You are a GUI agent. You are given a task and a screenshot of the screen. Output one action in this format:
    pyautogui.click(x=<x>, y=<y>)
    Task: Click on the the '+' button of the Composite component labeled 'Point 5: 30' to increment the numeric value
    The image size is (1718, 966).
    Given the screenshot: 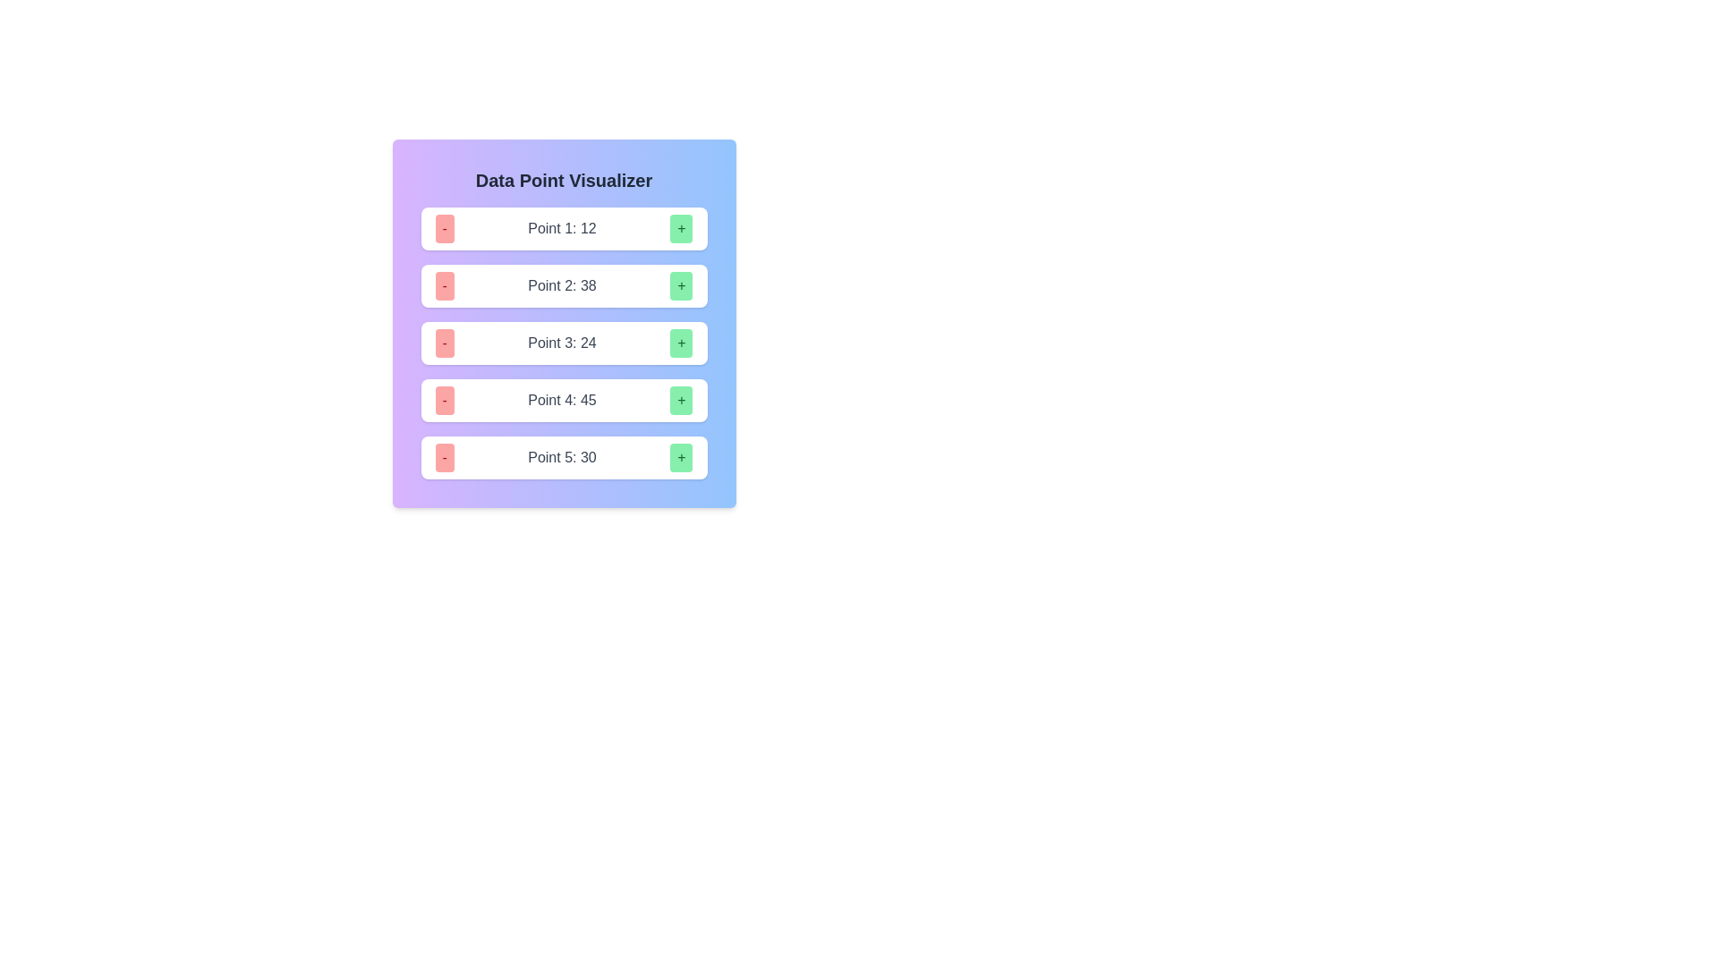 What is the action you would take?
    pyautogui.click(x=563, y=457)
    